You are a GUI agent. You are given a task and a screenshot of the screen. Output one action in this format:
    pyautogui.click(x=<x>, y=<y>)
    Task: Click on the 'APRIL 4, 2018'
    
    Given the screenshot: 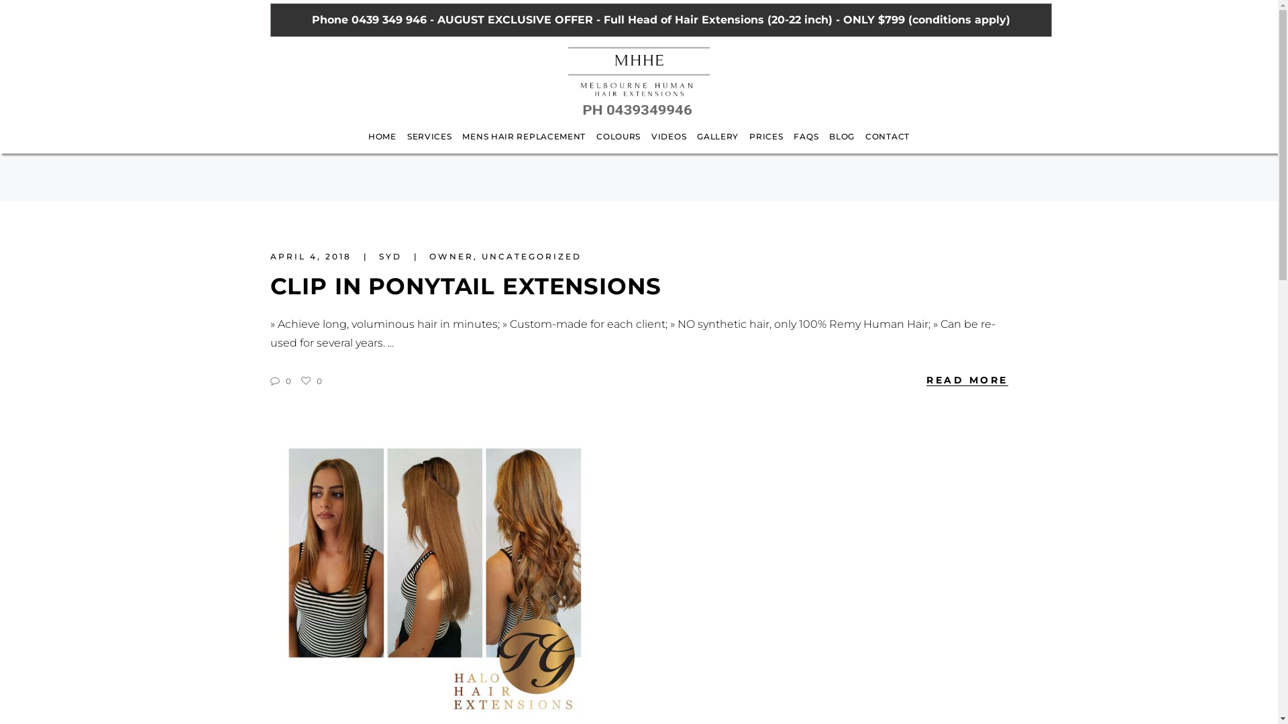 What is the action you would take?
    pyautogui.click(x=311, y=256)
    